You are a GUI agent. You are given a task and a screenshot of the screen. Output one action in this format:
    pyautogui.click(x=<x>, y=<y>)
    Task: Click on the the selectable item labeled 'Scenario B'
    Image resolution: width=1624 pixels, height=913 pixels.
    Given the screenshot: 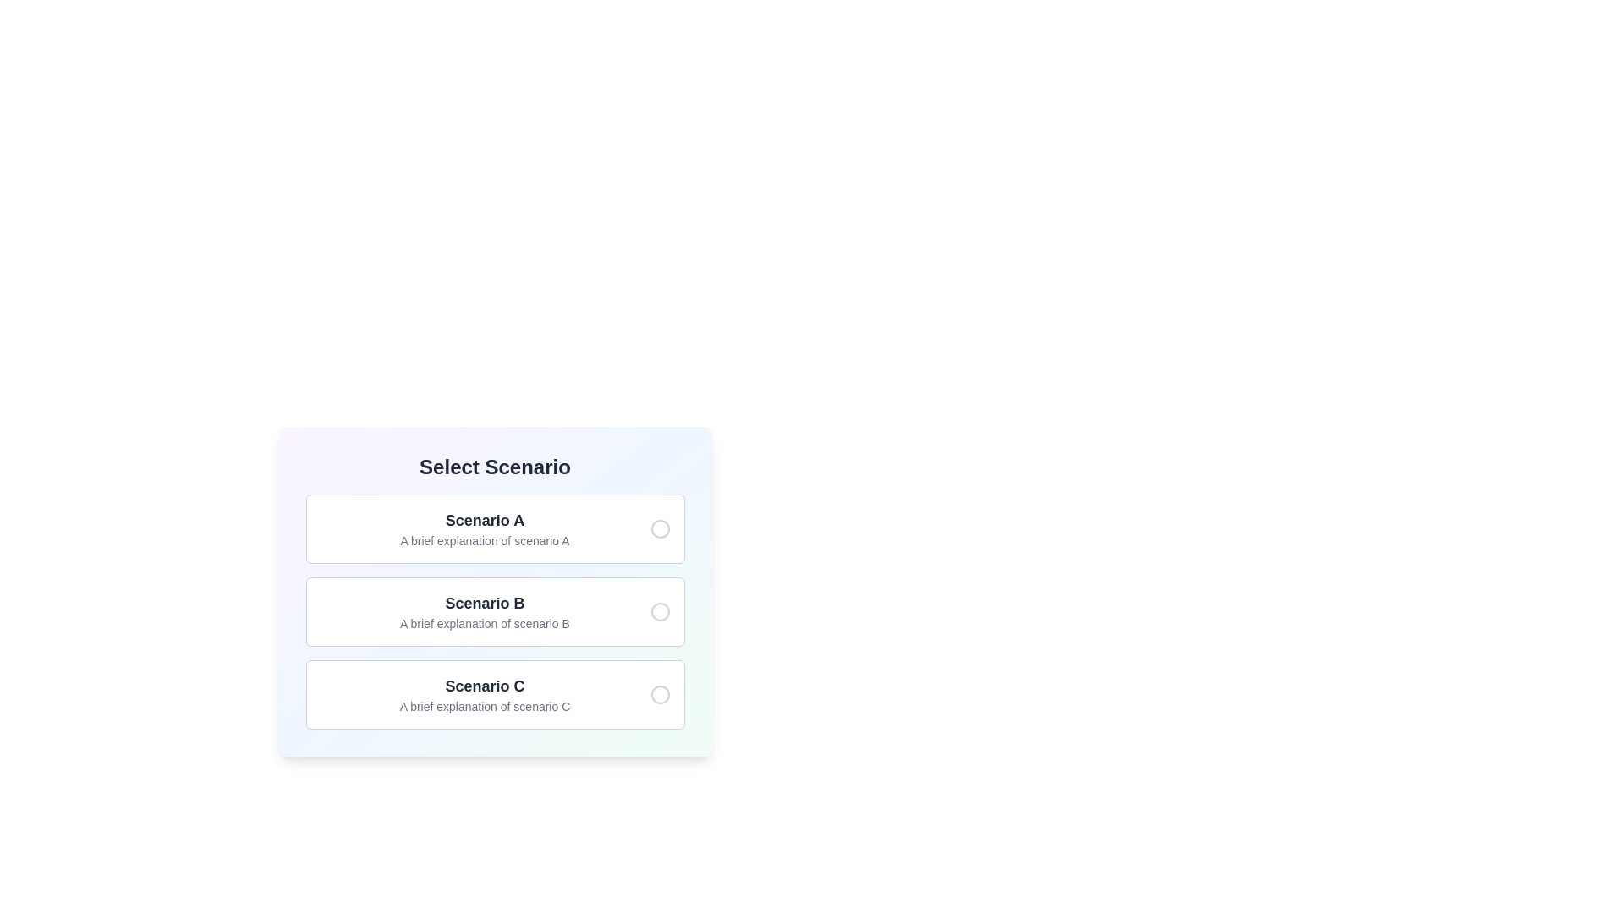 What is the action you would take?
    pyautogui.click(x=494, y=612)
    